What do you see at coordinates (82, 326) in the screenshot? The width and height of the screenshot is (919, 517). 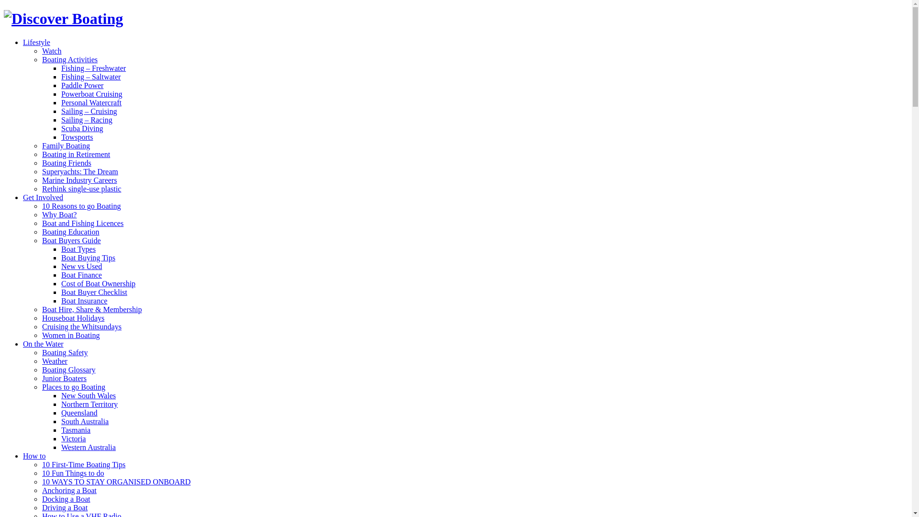 I see `'Cruising the Whitsundays'` at bounding box center [82, 326].